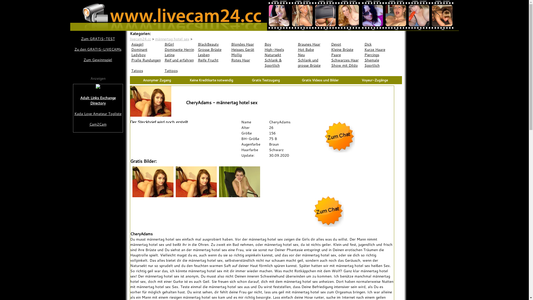 This screenshot has width=533, height=300. I want to click on 'CheryAdams', so click(203, 38).